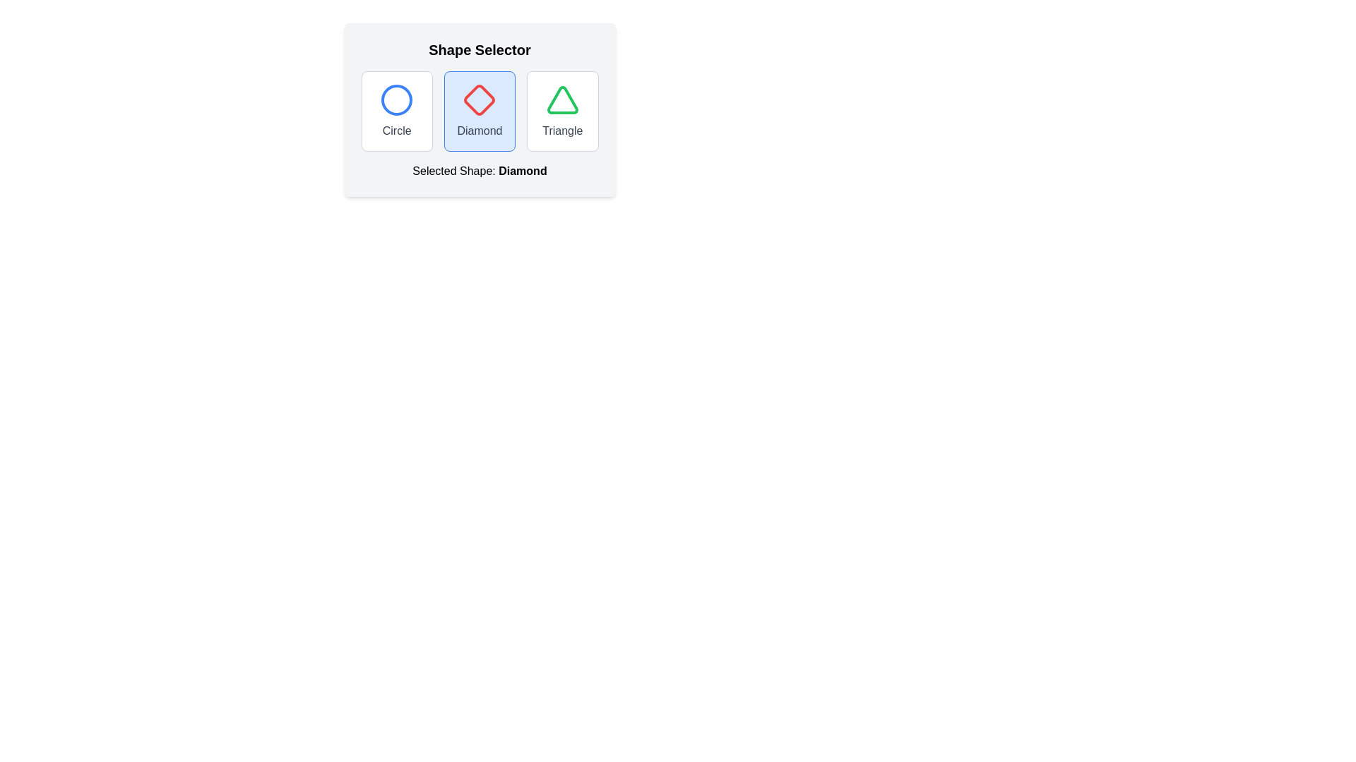 The width and height of the screenshot is (1356, 762). Describe the element at coordinates (522, 170) in the screenshot. I see `the text label that displays the currently selected shape, specifically the bolded 'Diamond' portion of the text in the shape selection UI` at that location.